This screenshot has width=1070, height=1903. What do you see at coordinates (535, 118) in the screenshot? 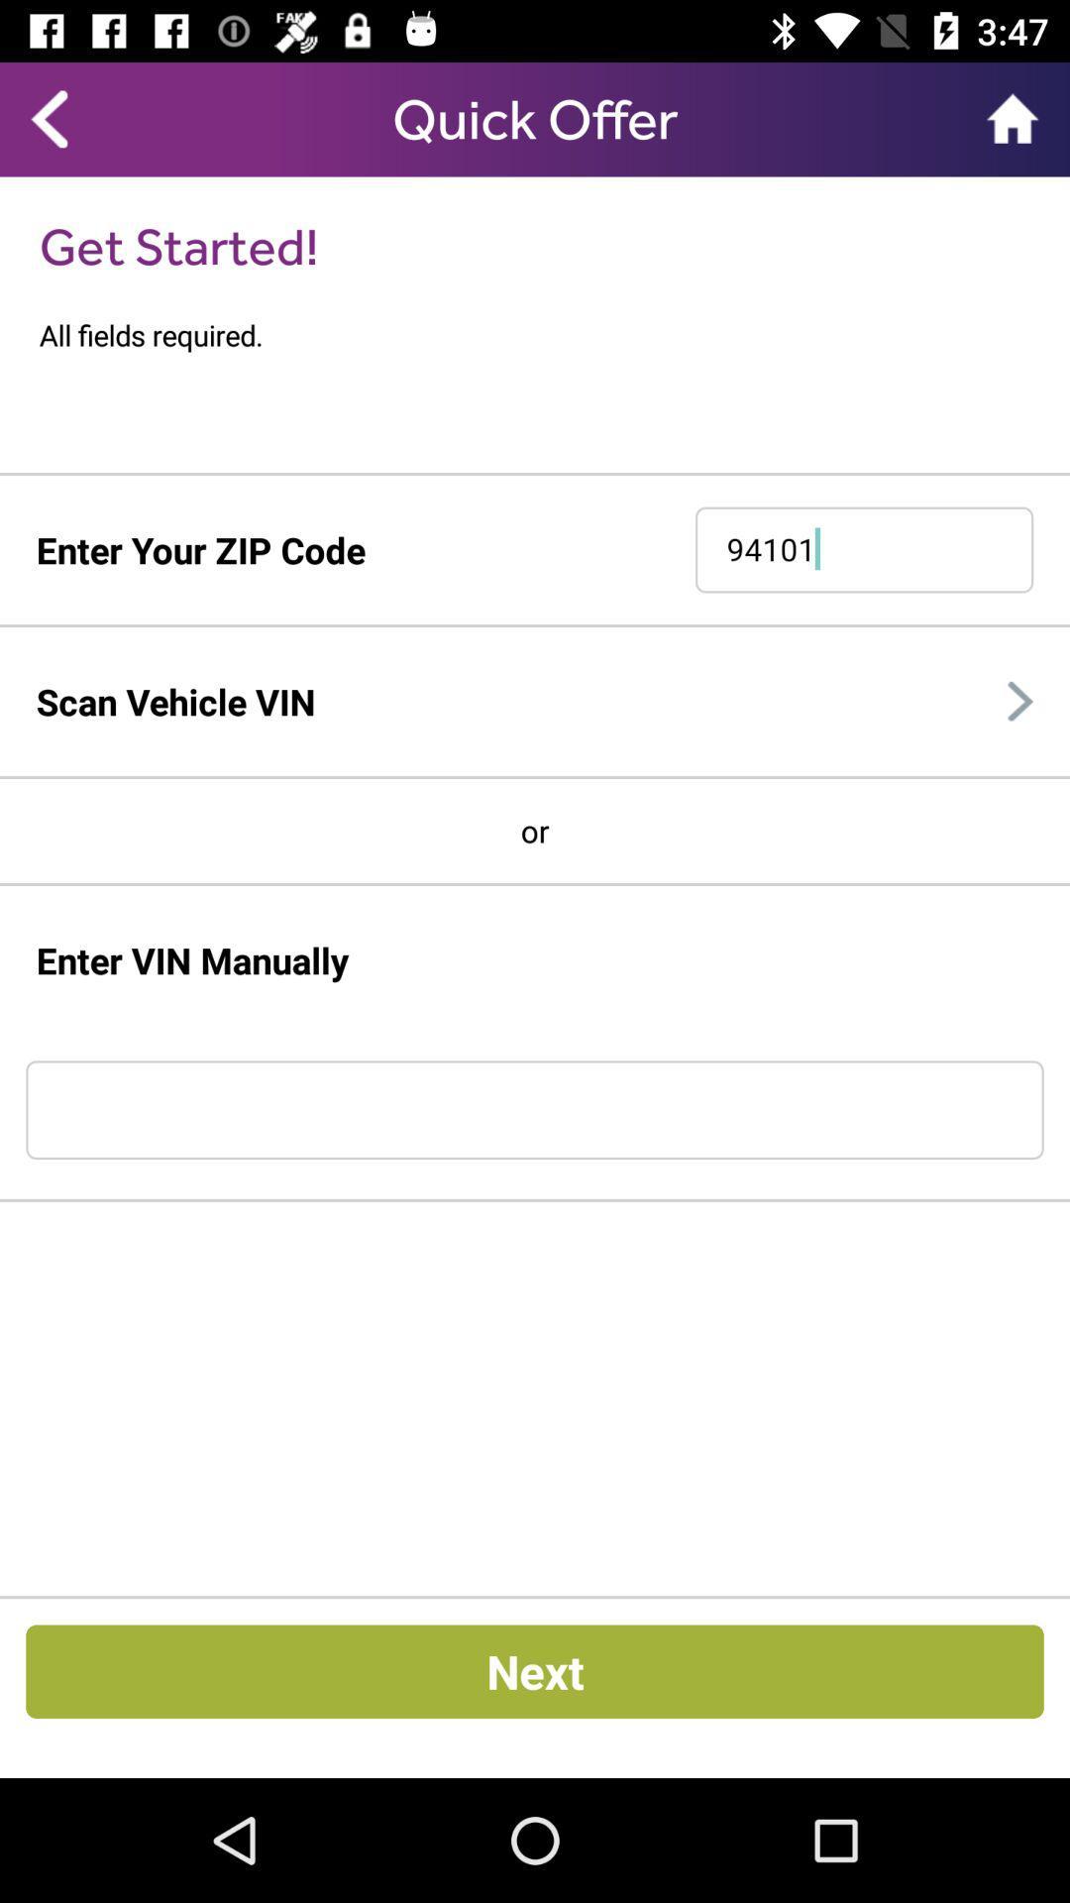
I see `the quick offer icon` at bounding box center [535, 118].